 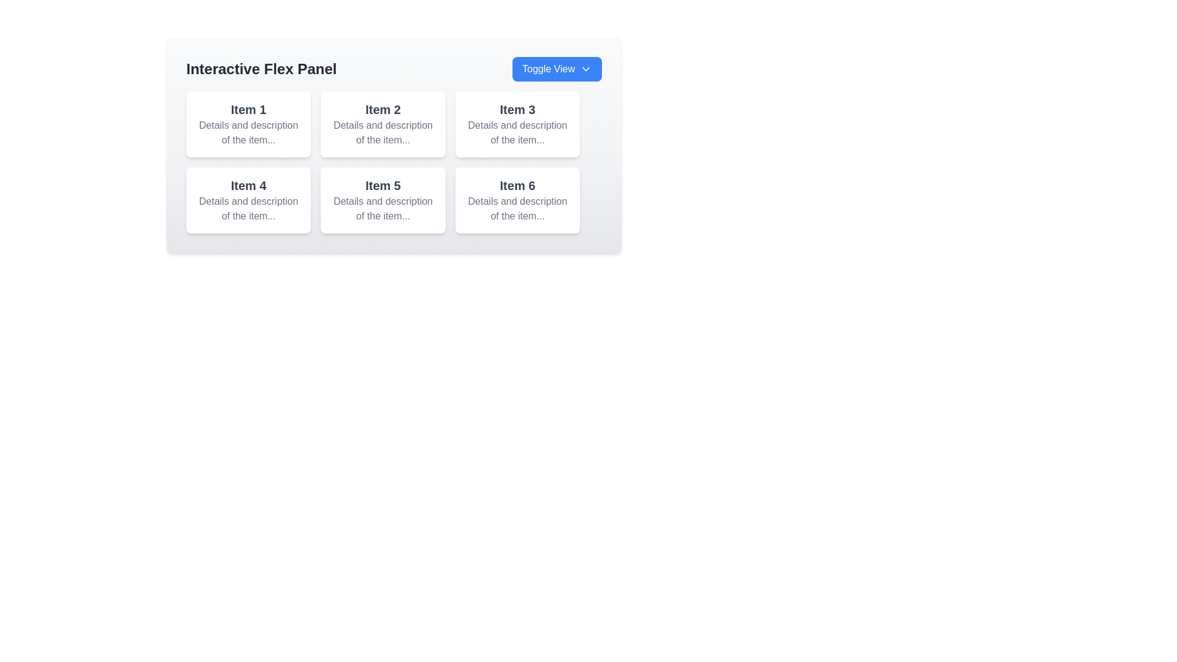 What do you see at coordinates (383, 200) in the screenshot?
I see `the card component displaying information about 'Item 5', located in the second row, second column of a 3x2 grid` at bounding box center [383, 200].